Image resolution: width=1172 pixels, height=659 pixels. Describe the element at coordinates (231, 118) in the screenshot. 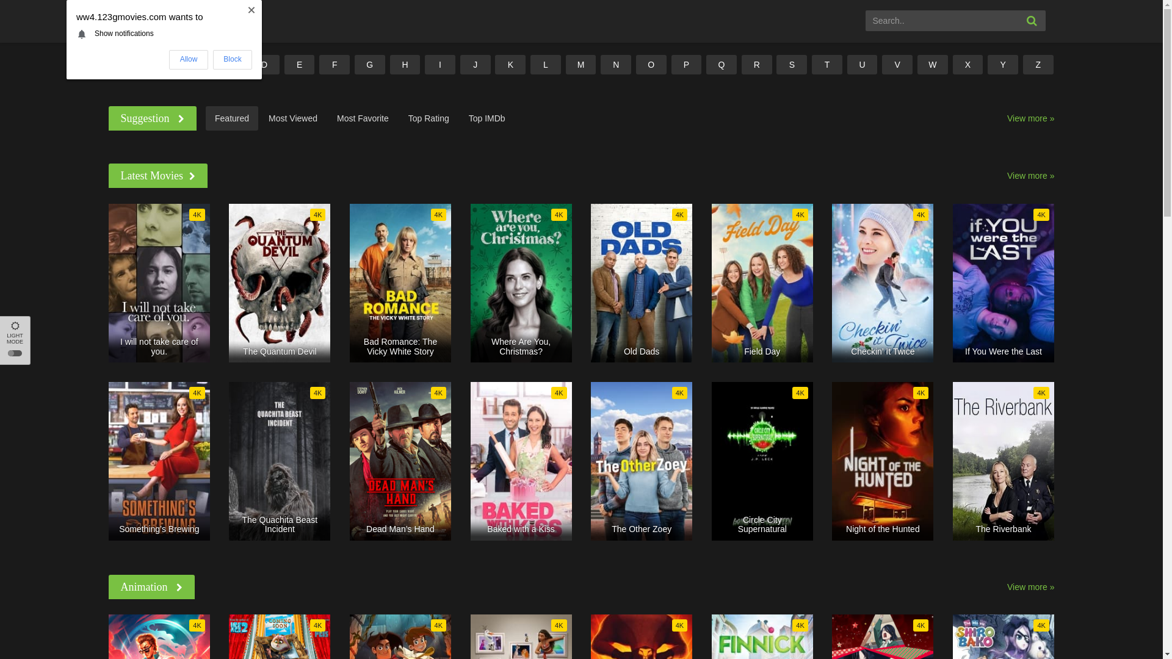

I see `'Featured'` at that location.